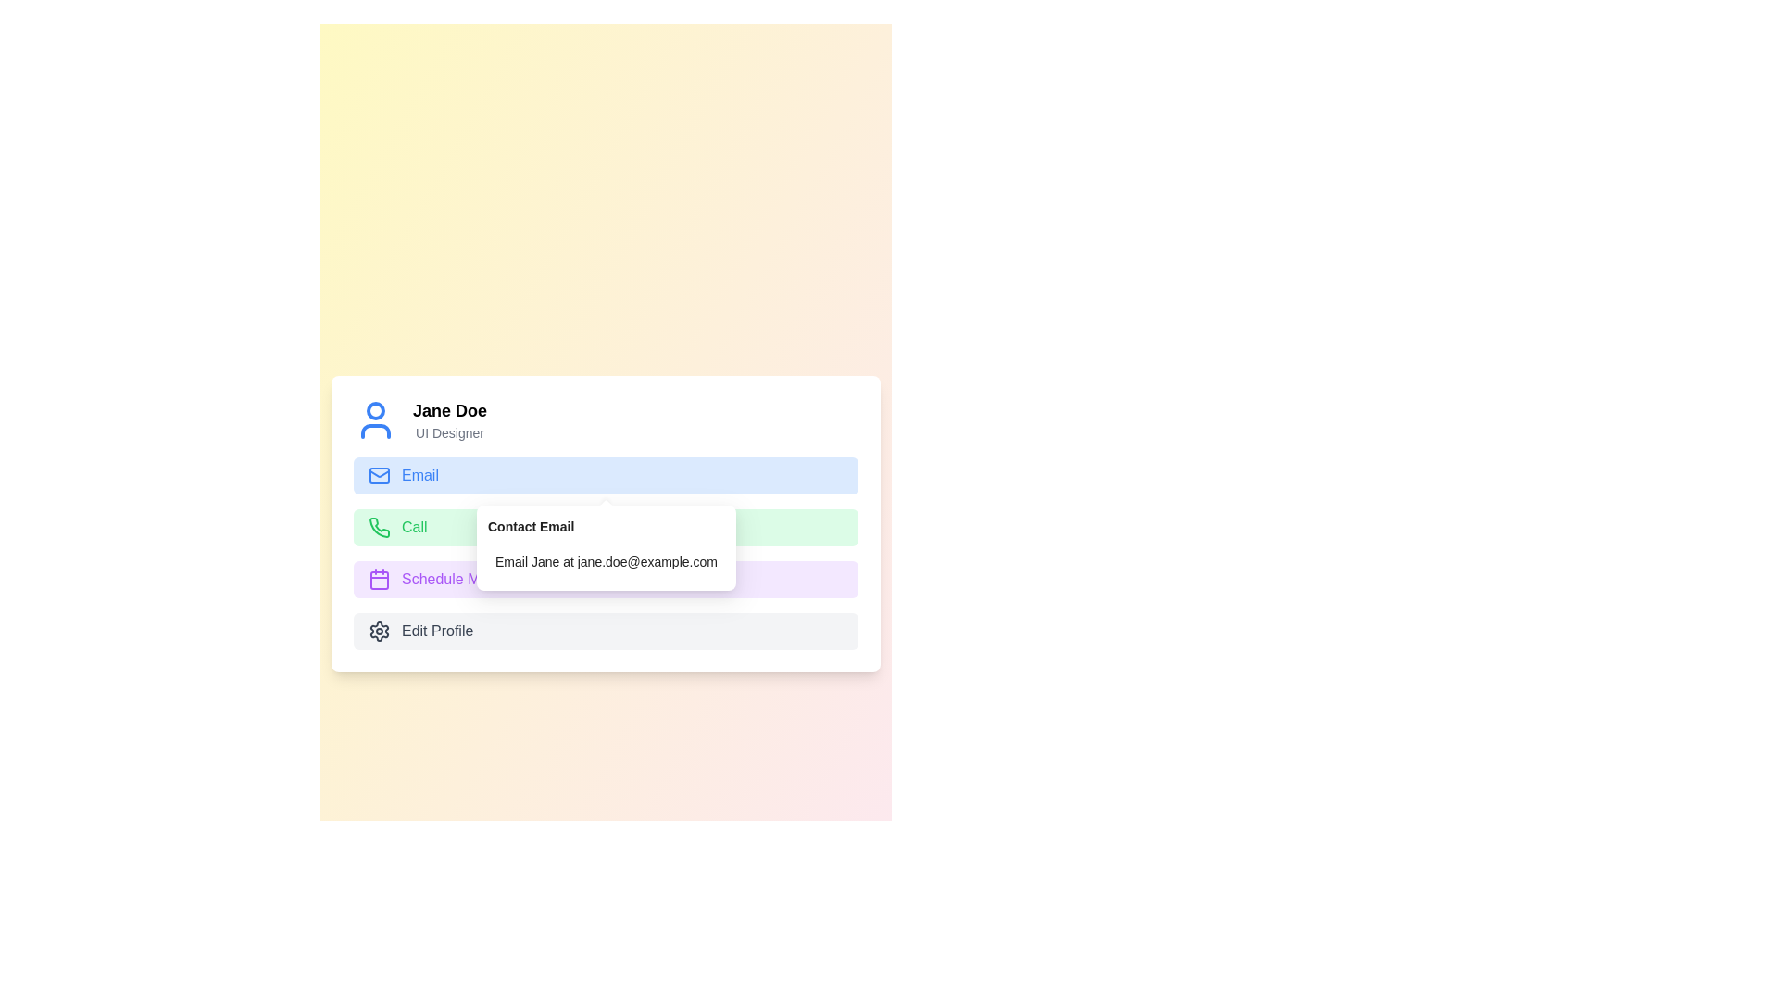 The height and width of the screenshot is (1000, 1778). I want to click on the text label displaying 'UI Designer', which is styled with a smaller gray font and positioned below the bold text label 'Jane Doe', so click(449, 432).